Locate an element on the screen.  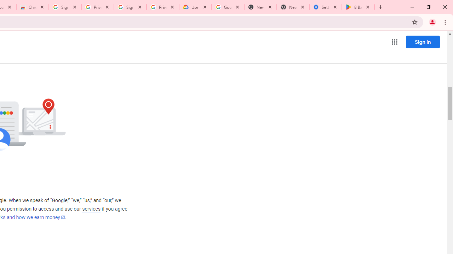
'Sign in - Google Accounts' is located at coordinates (65, 7).